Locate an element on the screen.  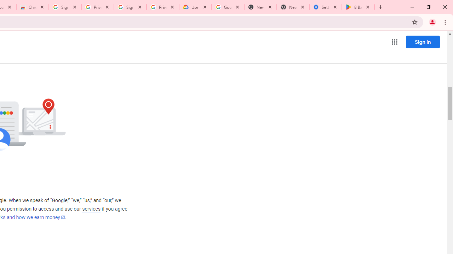
'Sign in - Google Accounts' is located at coordinates (65, 7).